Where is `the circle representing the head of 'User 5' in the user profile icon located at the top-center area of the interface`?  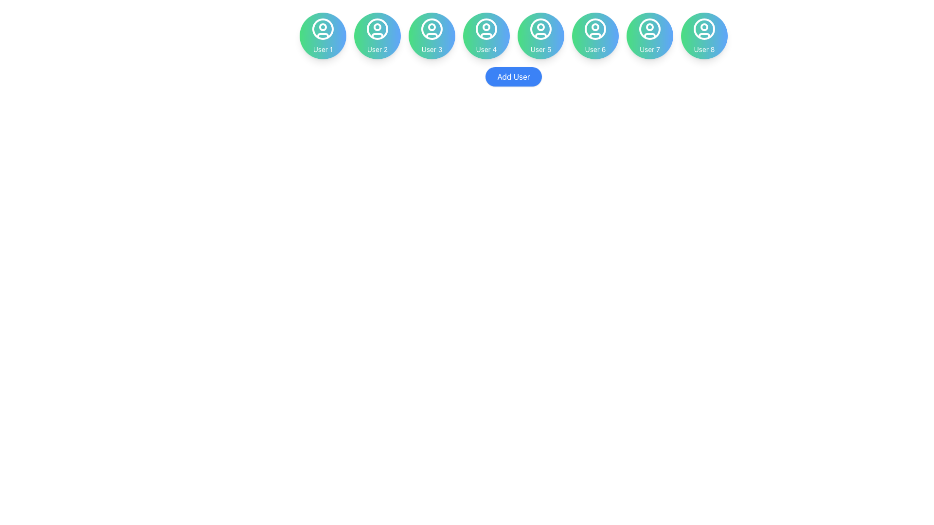
the circle representing the head of 'User 5' in the user profile icon located at the top-center area of the interface is located at coordinates (540, 27).